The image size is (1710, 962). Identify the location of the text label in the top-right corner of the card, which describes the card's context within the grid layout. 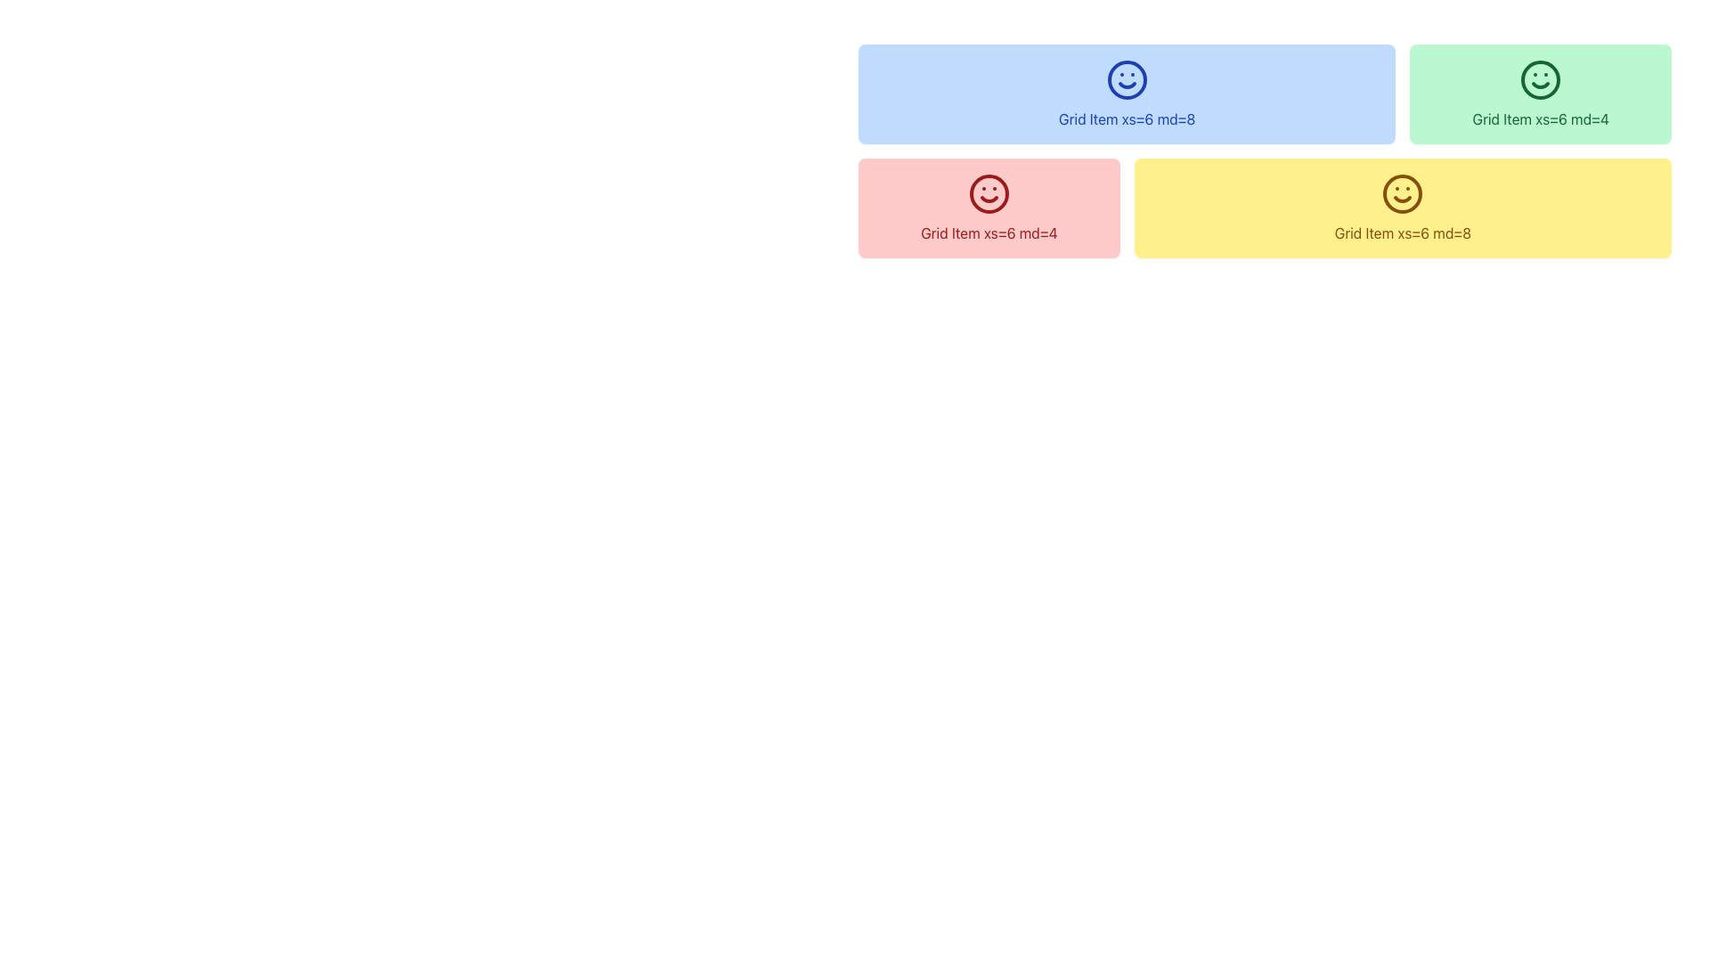
(1540, 119).